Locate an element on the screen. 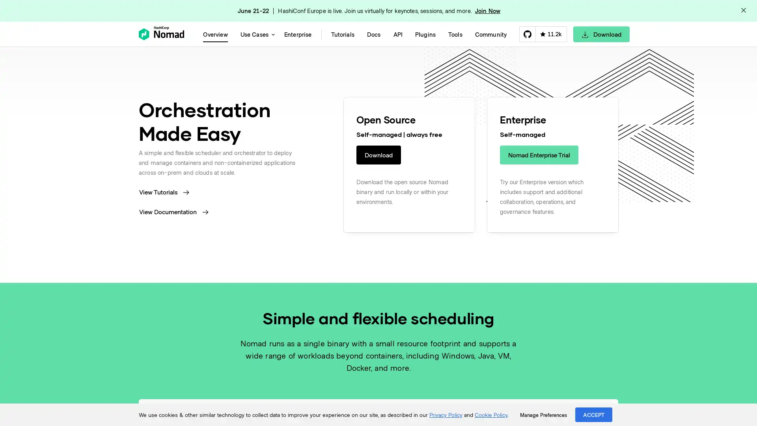 This screenshot has height=426, width=757. ACCEPT is located at coordinates (594, 414).